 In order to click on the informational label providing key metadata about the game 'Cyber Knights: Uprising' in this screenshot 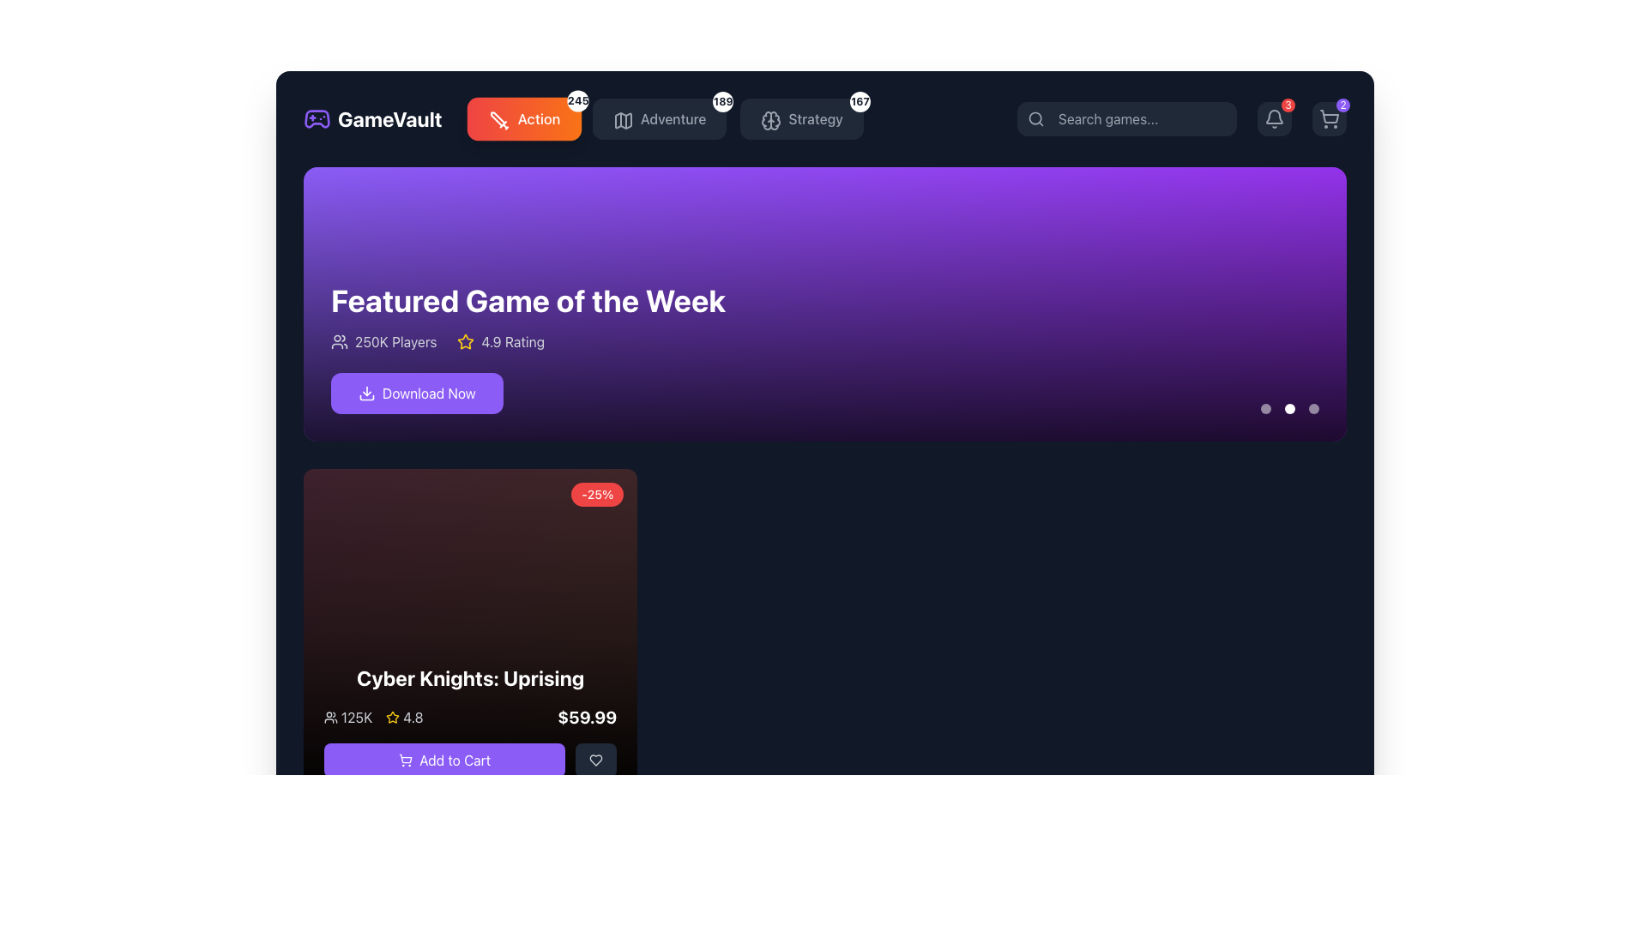, I will do `click(470, 718)`.